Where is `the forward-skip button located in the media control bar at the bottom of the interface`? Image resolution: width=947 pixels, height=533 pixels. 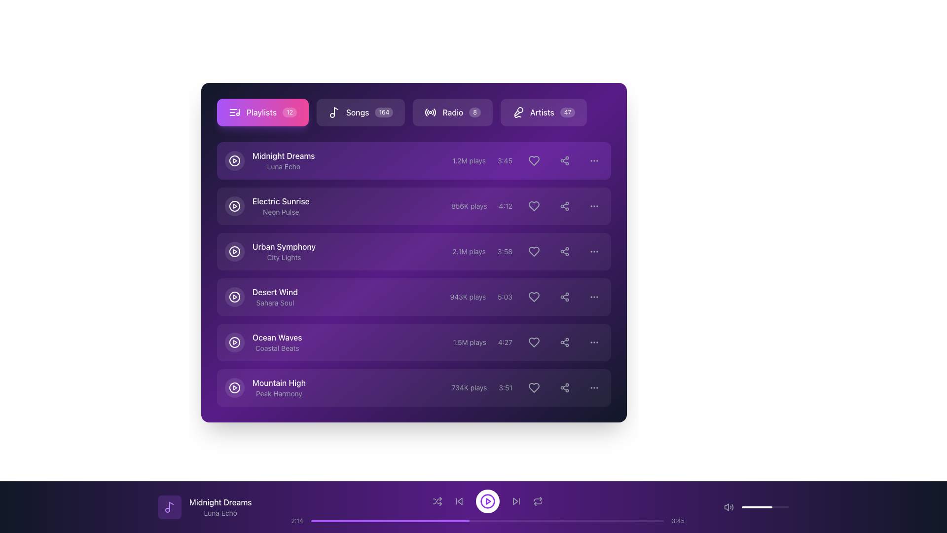
the forward-skip button located in the media control bar at the bottom of the interface is located at coordinates (516, 501).